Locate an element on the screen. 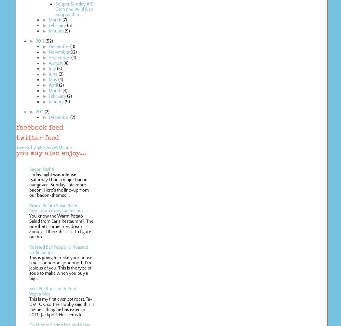  'Warm Potato Salad (Earls Restaurant Copycat Recipe)' is located at coordinates (29, 208).